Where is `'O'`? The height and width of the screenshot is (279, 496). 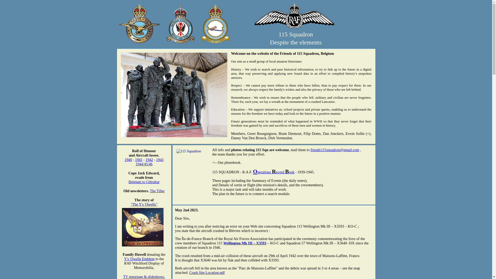
'O' is located at coordinates (255, 171).